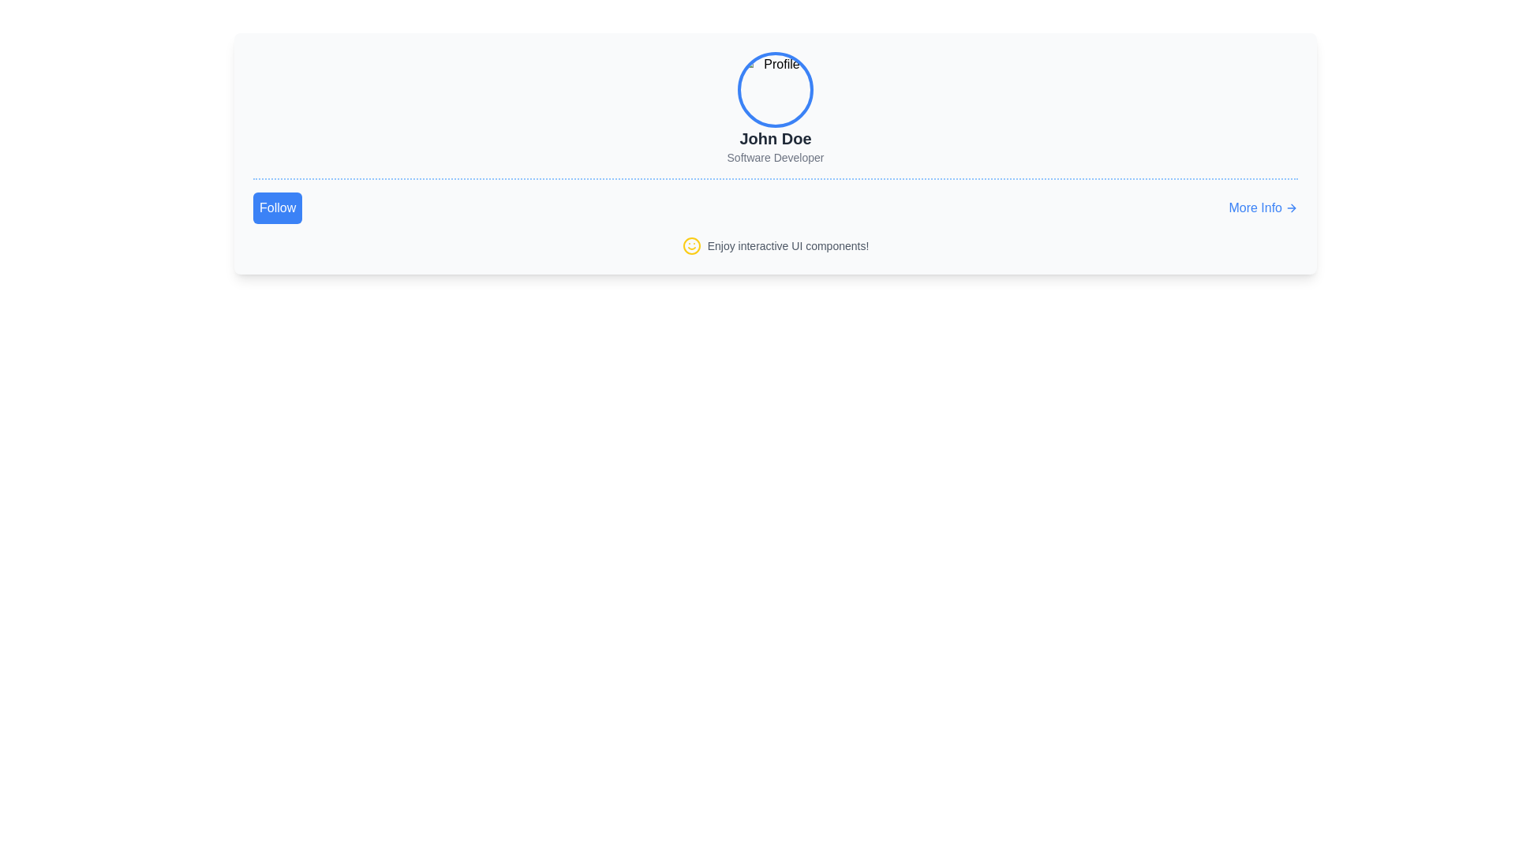 The image size is (1515, 852). Describe the element at coordinates (1263, 207) in the screenshot. I see `the 'More Info' hyperlink with an adjacent arrow icon` at that location.